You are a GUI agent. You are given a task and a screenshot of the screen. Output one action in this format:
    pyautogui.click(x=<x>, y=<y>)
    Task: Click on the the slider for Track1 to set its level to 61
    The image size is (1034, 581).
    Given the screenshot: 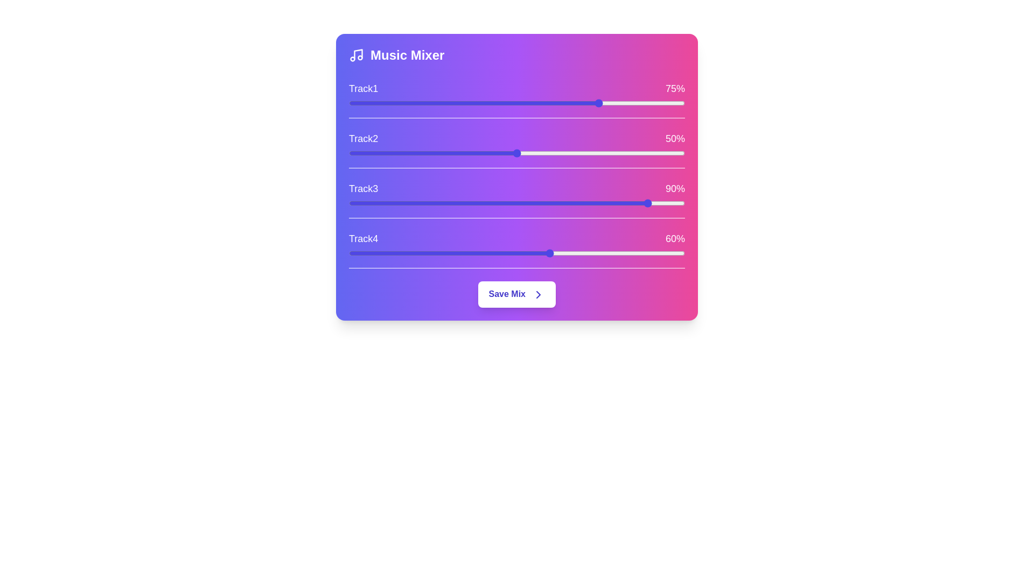 What is the action you would take?
    pyautogui.click(x=554, y=103)
    